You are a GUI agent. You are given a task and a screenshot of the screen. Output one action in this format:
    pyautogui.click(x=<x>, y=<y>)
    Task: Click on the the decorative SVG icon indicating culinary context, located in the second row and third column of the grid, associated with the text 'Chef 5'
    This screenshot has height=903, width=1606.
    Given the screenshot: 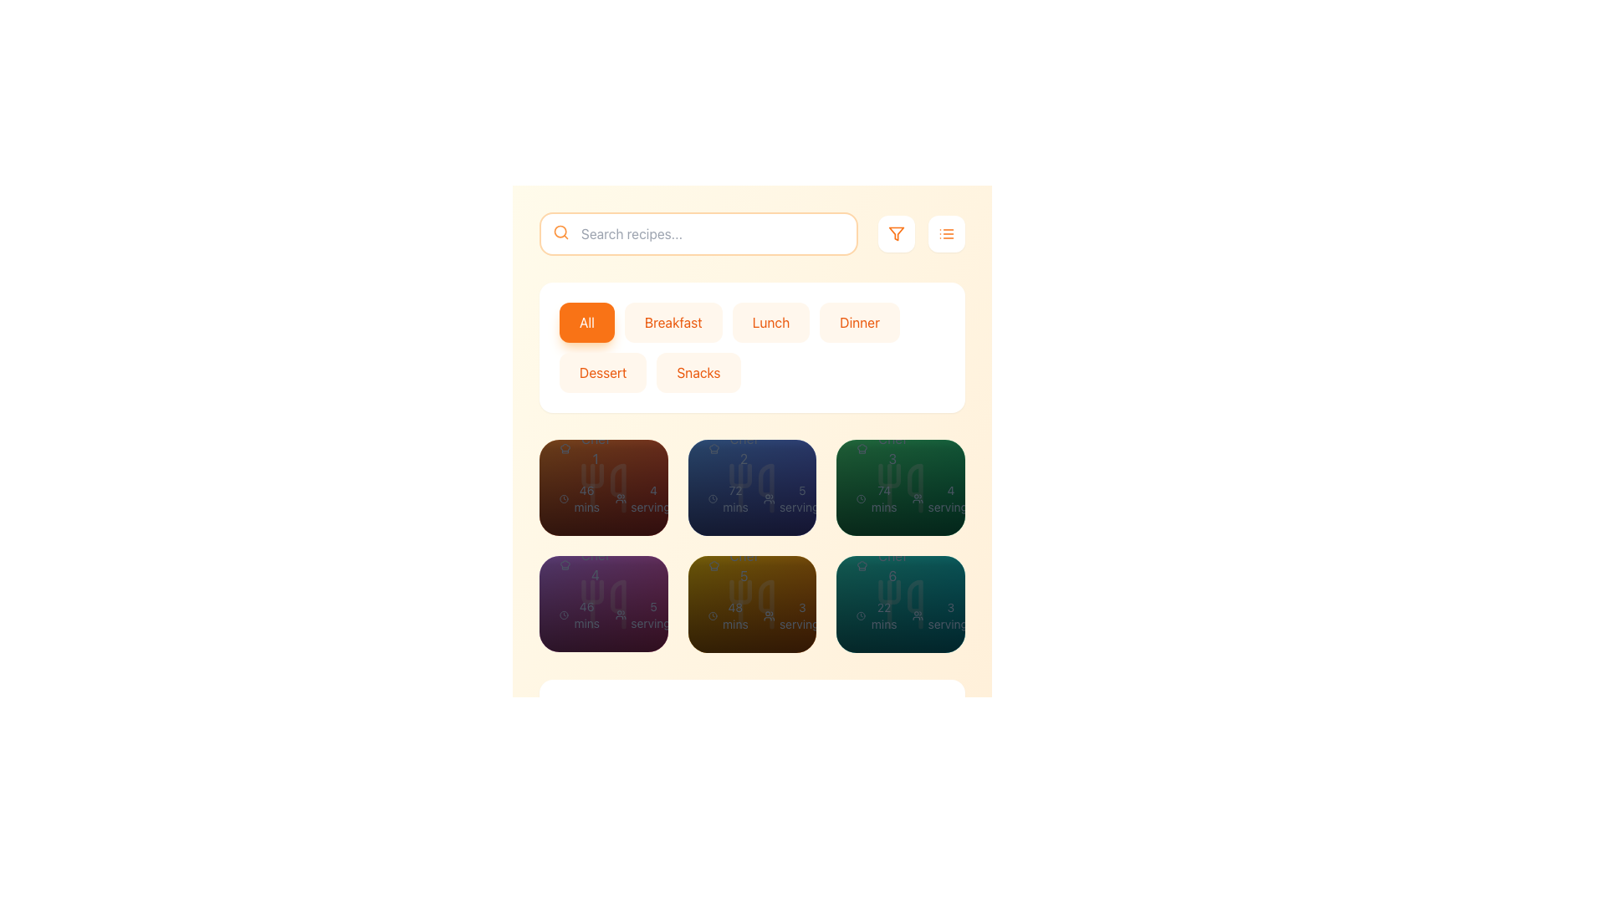 What is the action you would take?
    pyautogui.click(x=713, y=564)
    